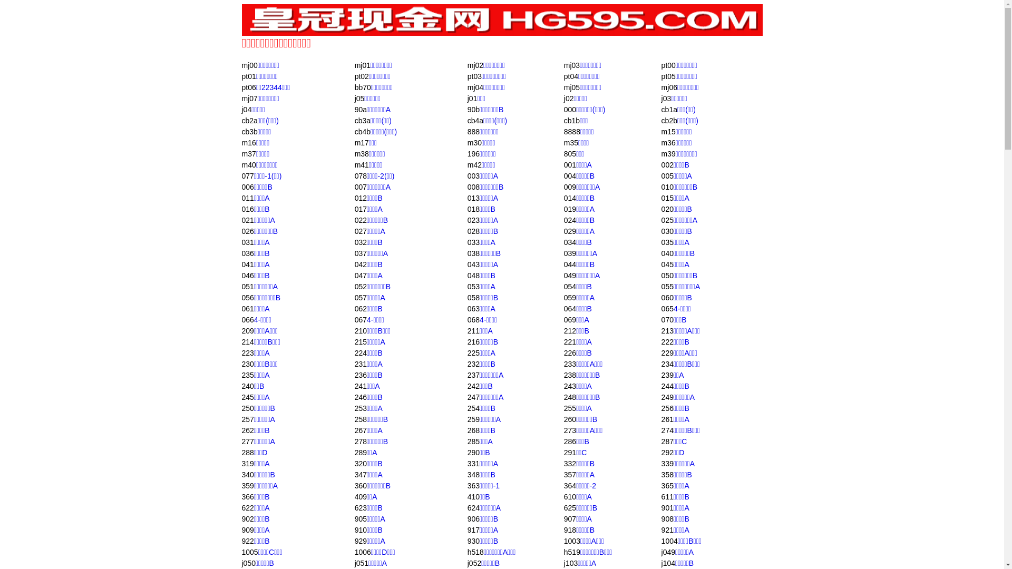 The image size is (1012, 569). Describe the element at coordinates (660, 308) in the screenshot. I see `'065'` at that location.